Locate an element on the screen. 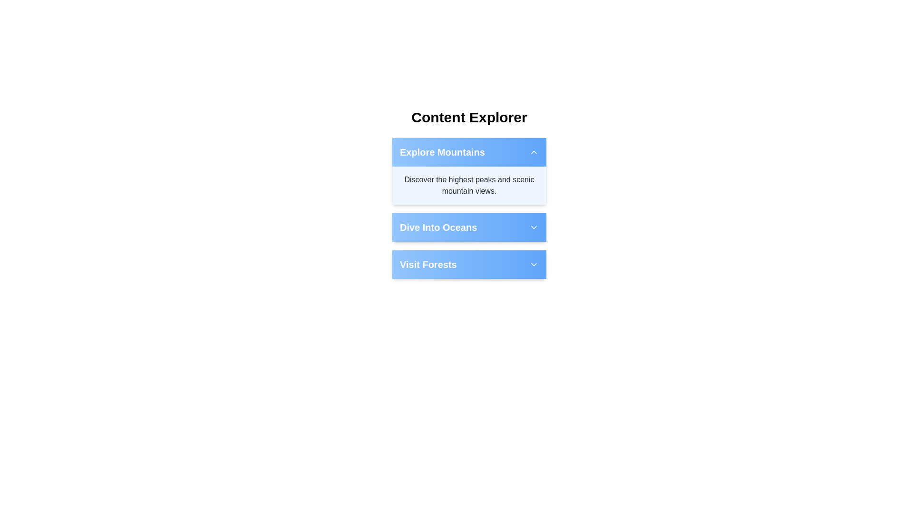 The height and width of the screenshot is (514, 913). the 'Dive Into Oceans' expandable card, which is the middle card in the 'Content Explorer' section is located at coordinates (469, 227).